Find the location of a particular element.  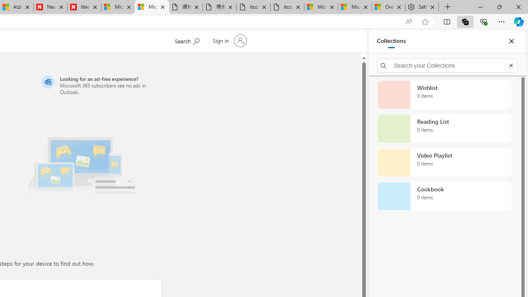

'Illness news & latest pictures from Newsweek.com' is located at coordinates (84, 7).